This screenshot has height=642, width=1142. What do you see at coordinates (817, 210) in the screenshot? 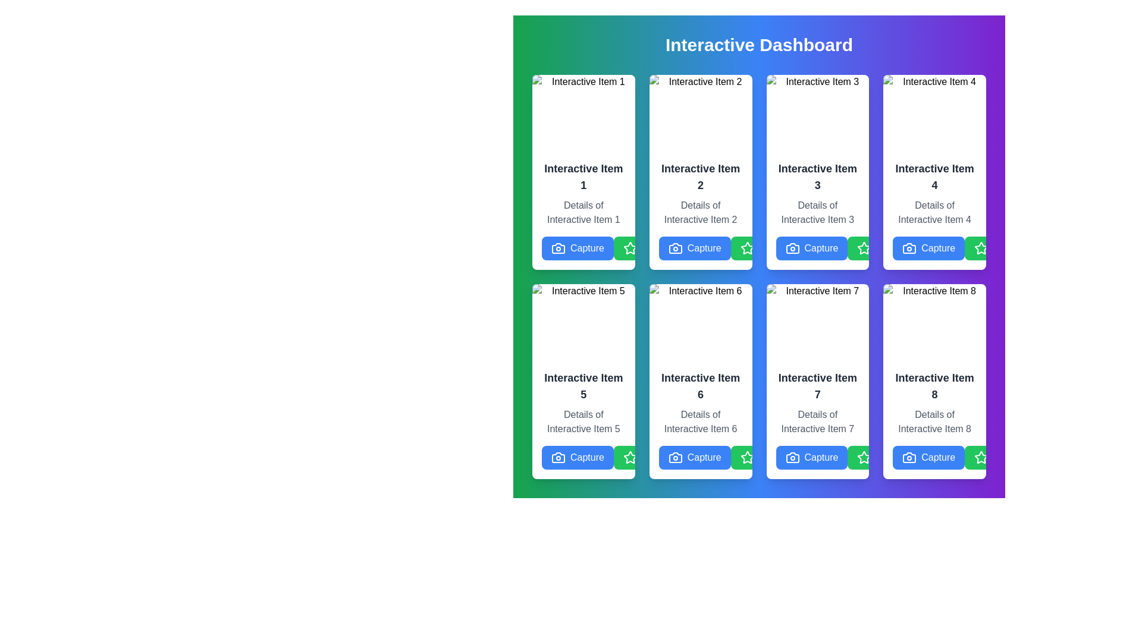
I see `text from the text label providing contextual information about 'Interactive Item 3', which is located beneath the title and above the buttons` at bounding box center [817, 210].